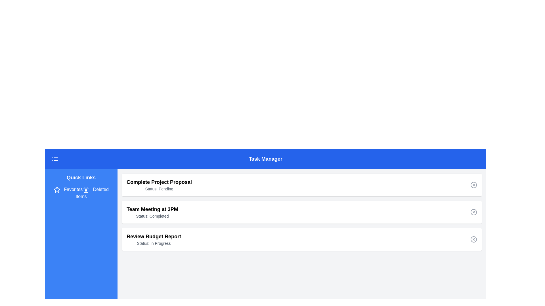 This screenshot has height=306, width=545. I want to click on the third task item labeled 'Review Budget Report' in the 'Task Manager', so click(301, 239).